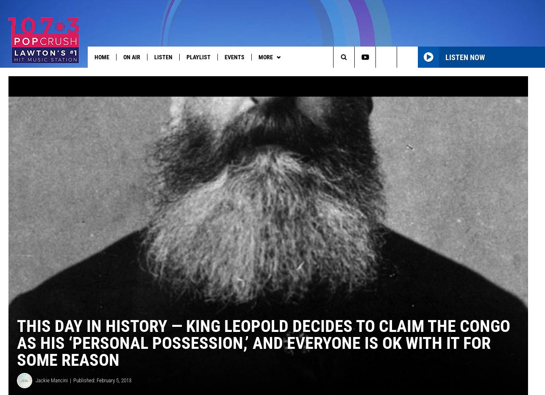  What do you see at coordinates (198, 57) in the screenshot?
I see `'Playlist'` at bounding box center [198, 57].